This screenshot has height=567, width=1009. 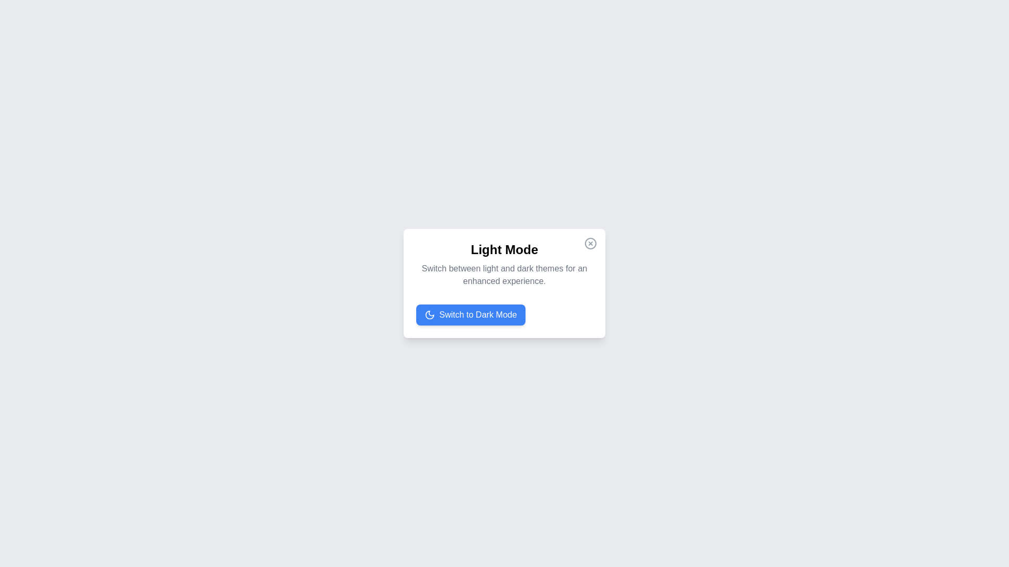 What do you see at coordinates (590, 243) in the screenshot?
I see `the close button to close the dialog` at bounding box center [590, 243].